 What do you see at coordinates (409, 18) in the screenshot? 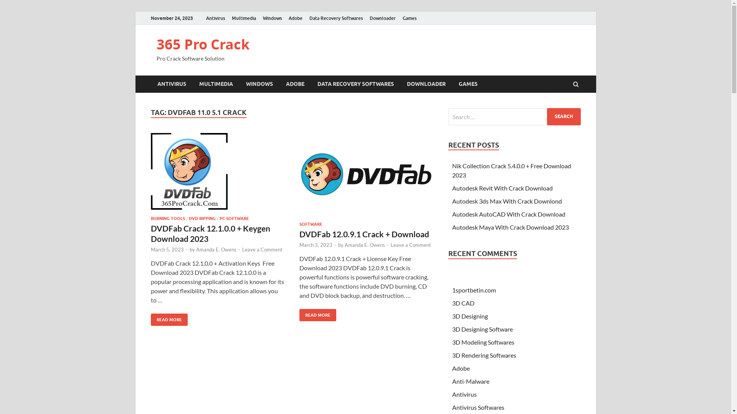
I see `'Games'` at bounding box center [409, 18].